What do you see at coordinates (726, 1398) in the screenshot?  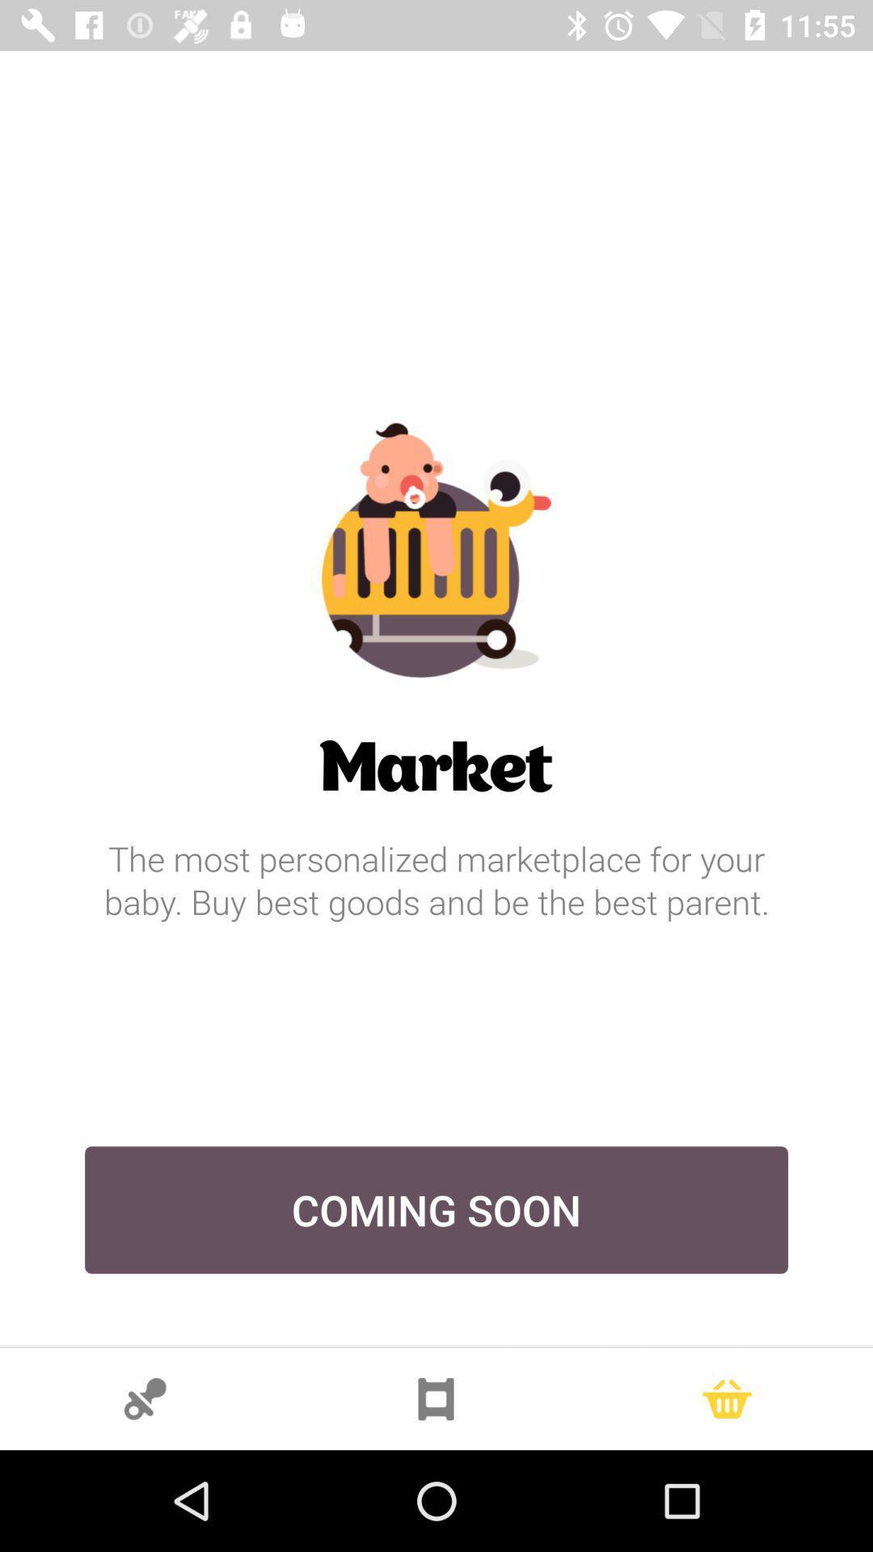 I see `the item at the bottom right corner` at bounding box center [726, 1398].